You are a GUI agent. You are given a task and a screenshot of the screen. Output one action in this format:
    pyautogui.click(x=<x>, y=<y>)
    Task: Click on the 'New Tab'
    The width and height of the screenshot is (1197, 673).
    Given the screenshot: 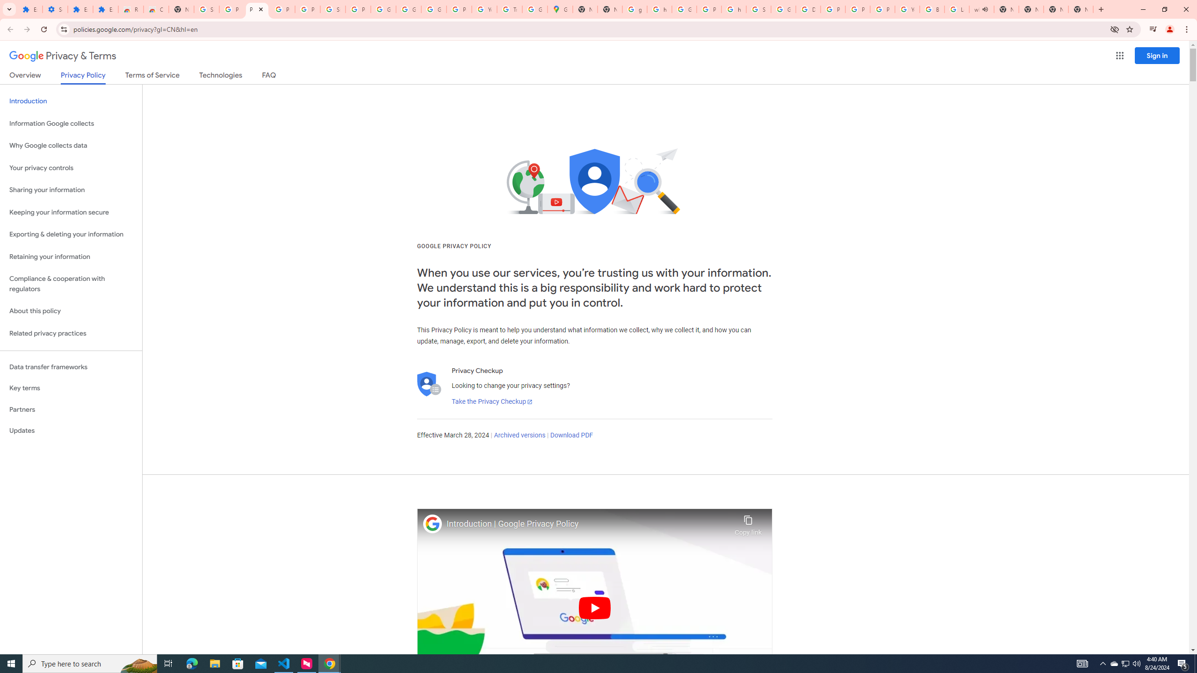 What is the action you would take?
    pyautogui.click(x=1055, y=9)
    